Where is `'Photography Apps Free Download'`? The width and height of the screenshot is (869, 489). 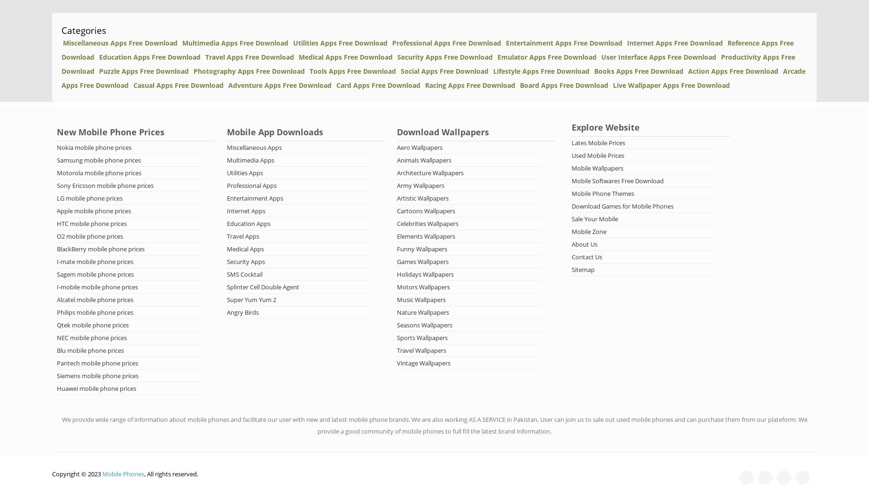
'Photography Apps Free Download' is located at coordinates (249, 71).